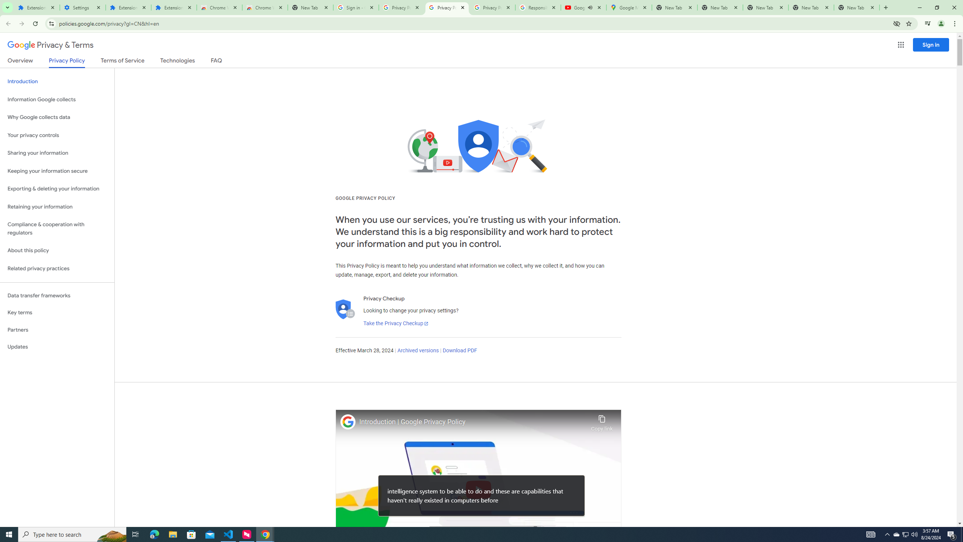 The width and height of the screenshot is (963, 542). What do you see at coordinates (57, 81) in the screenshot?
I see `'Introduction'` at bounding box center [57, 81].